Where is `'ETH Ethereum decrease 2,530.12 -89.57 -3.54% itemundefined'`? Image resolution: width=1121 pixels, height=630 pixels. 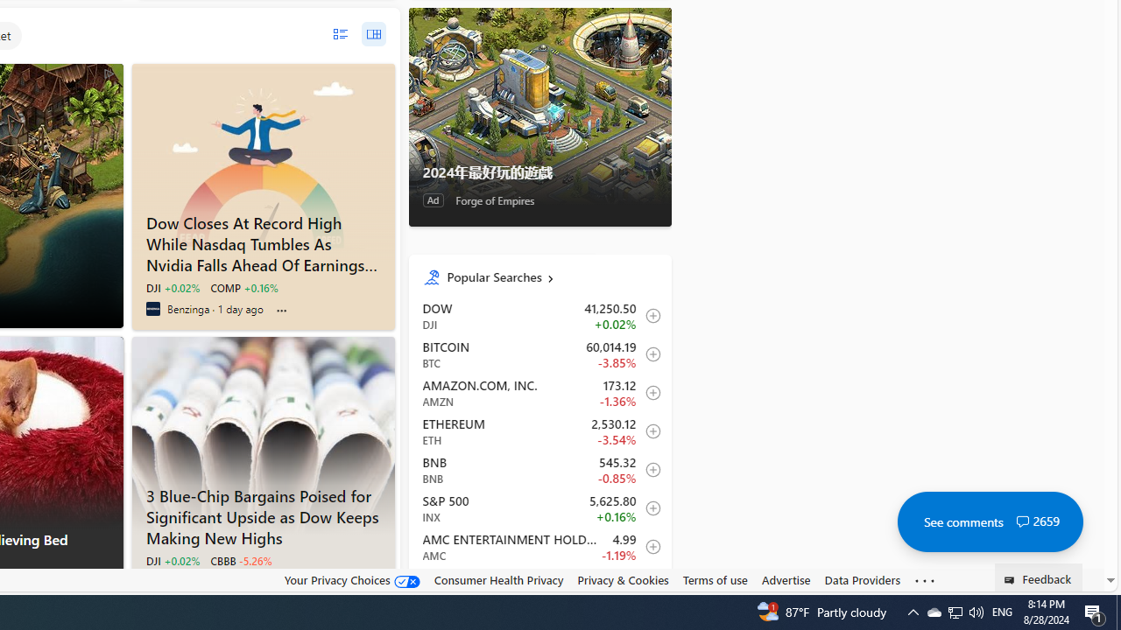
'ETH Ethereum decrease 2,530.12 -89.57 -3.54% itemundefined' is located at coordinates (539, 430).